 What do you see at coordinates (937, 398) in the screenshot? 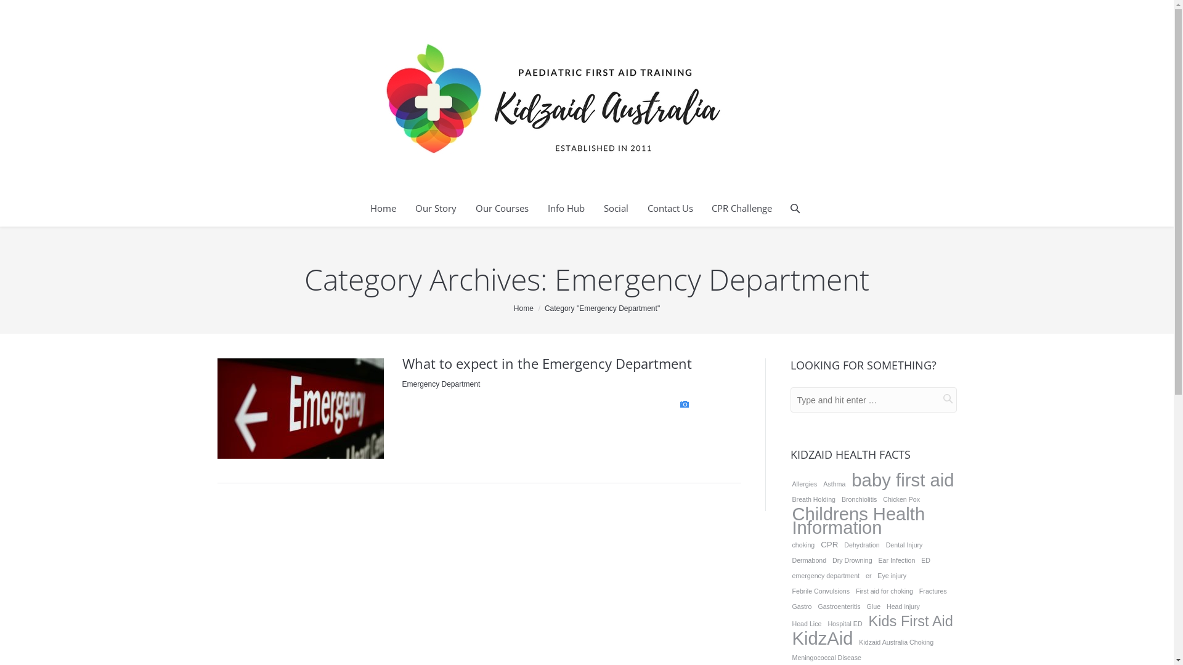
I see `'Go!'` at bounding box center [937, 398].